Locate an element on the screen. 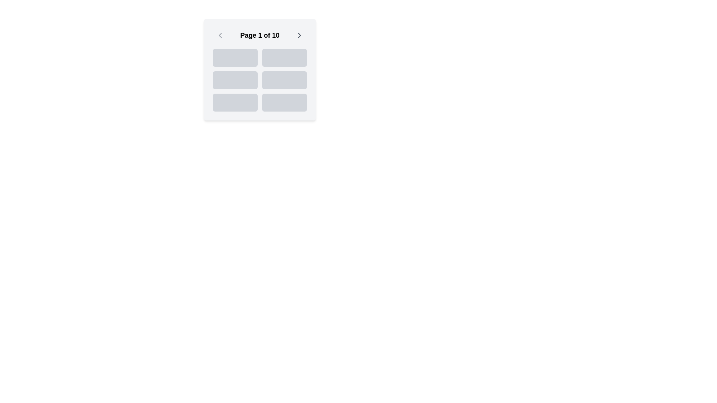 The image size is (717, 403). the non-interactive rectangular button-like visual block located in the third row and first column of a 2-column grid layout is located at coordinates (235, 102).